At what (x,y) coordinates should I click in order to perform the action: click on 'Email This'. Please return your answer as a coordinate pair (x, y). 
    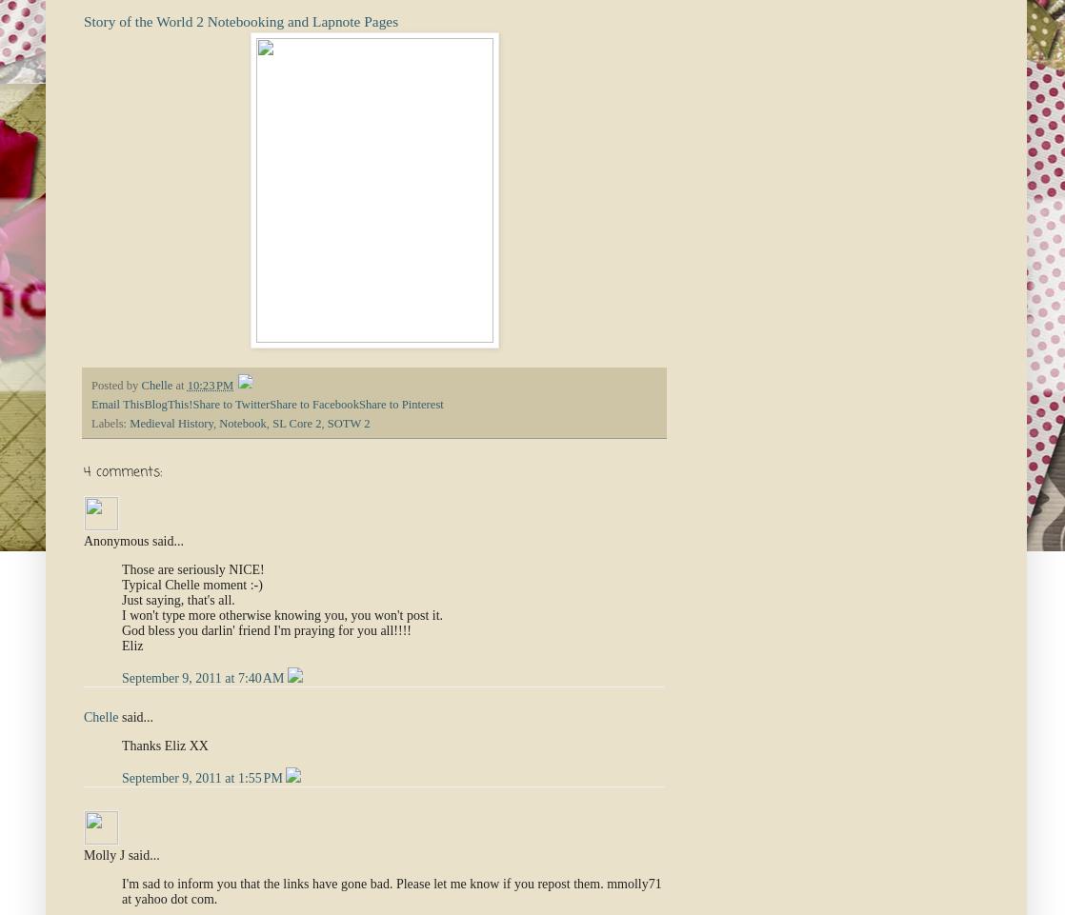
    Looking at the image, I should click on (117, 403).